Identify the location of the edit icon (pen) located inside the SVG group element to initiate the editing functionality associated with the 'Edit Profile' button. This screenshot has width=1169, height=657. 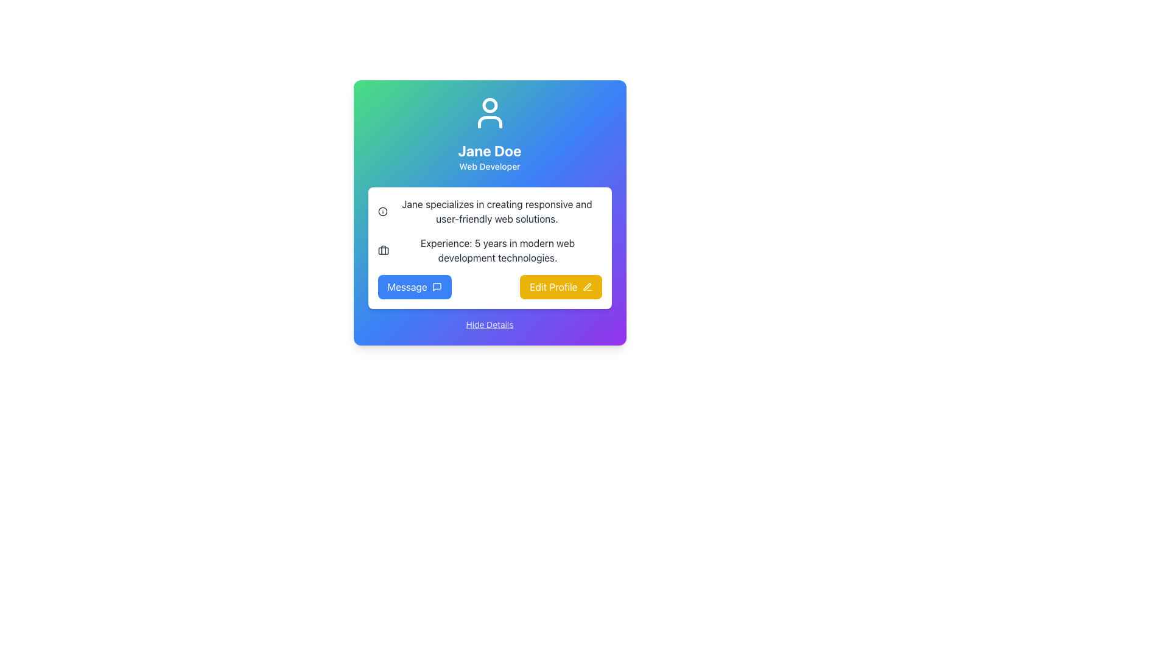
(587, 287).